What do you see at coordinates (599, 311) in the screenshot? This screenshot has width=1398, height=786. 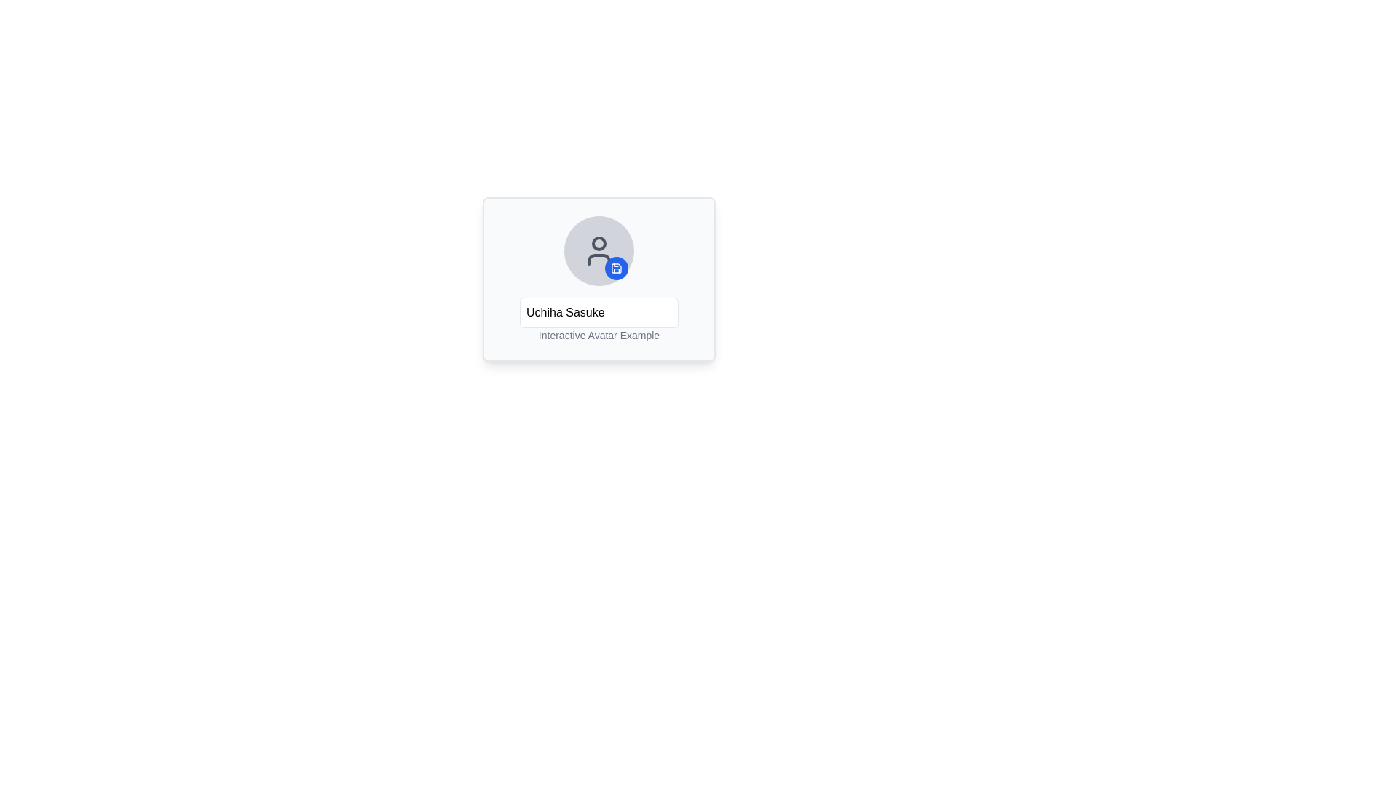 I see `the Text Display Box that displays the name 'Uchiha Sasuke'` at bounding box center [599, 311].